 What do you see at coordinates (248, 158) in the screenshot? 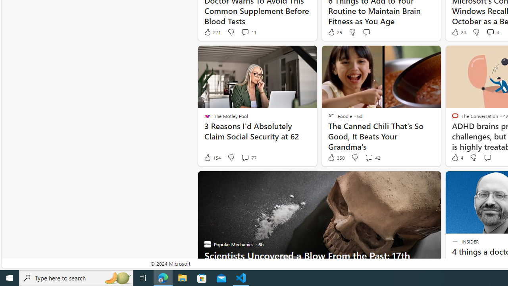
I see `'View comments 77 Comment'` at bounding box center [248, 158].